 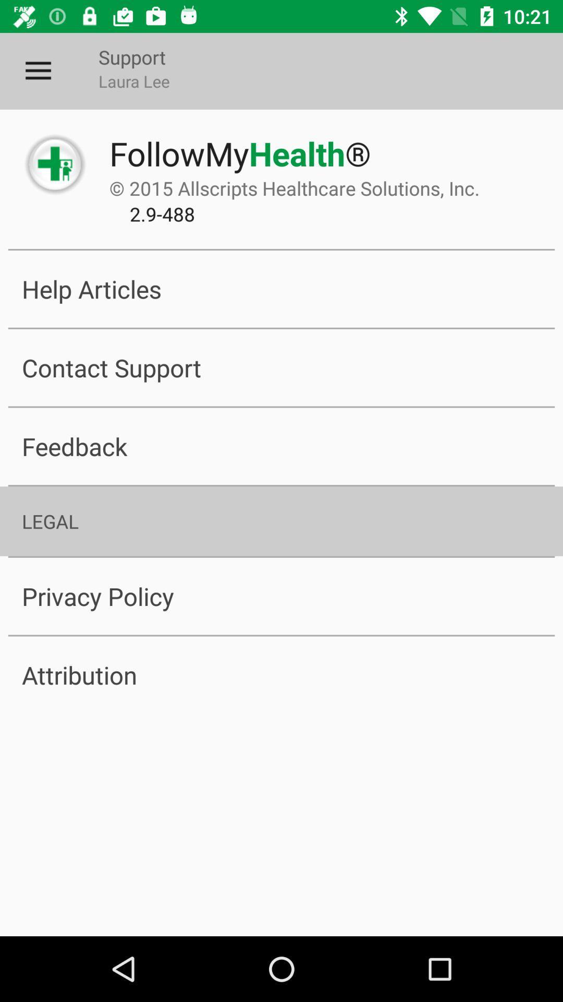 What do you see at coordinates (281, 367) in the screenshot?
I see `the item above the feedback item` at bounding box center [281, 367].